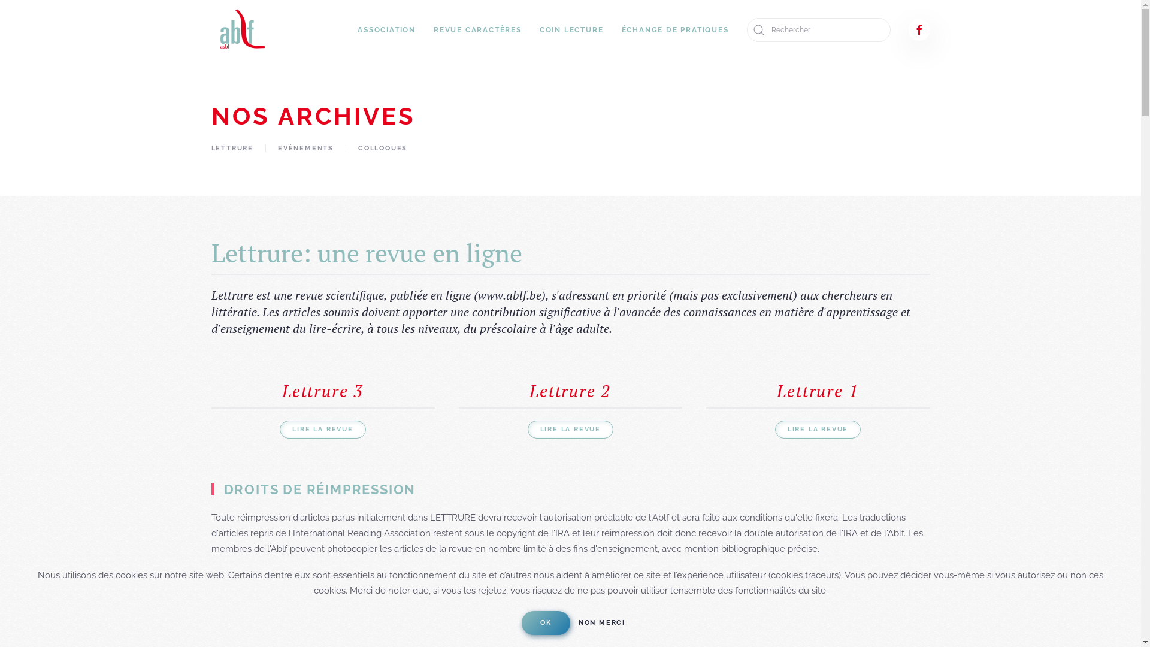 The image size is (1150, 647). Describe the element at coordinates (386, 29) in the screenshot. I see `'ASSOCIATION'` at that location.